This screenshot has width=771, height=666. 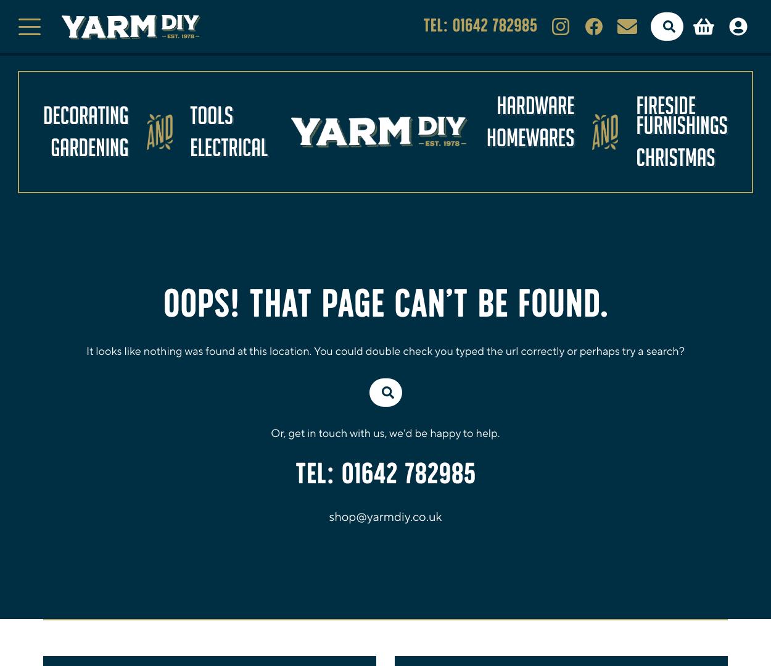 What do you see at coordinates (681, 115) in the screenshot?
I see `'Fireside Furnishings'` at bounding box center [681, 115].